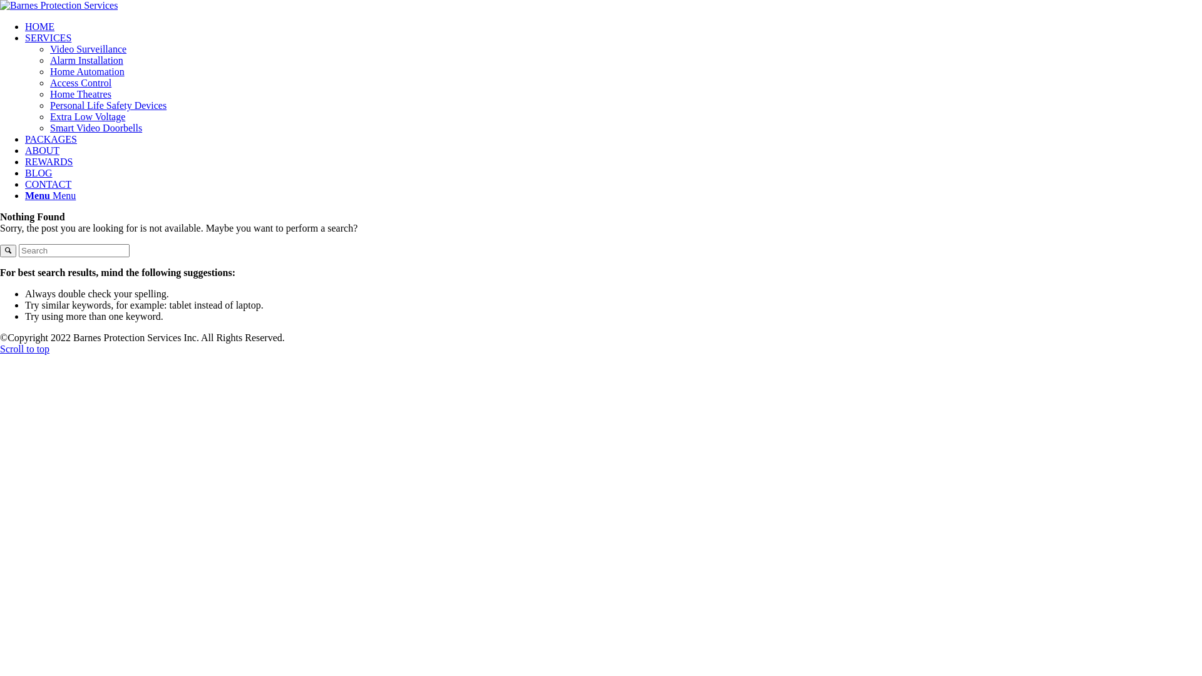 This screenshot has height=676, width=1202. Describe the element at coordinates (86, 71) in the screenshot. I see `'Home Automation'` at that location.